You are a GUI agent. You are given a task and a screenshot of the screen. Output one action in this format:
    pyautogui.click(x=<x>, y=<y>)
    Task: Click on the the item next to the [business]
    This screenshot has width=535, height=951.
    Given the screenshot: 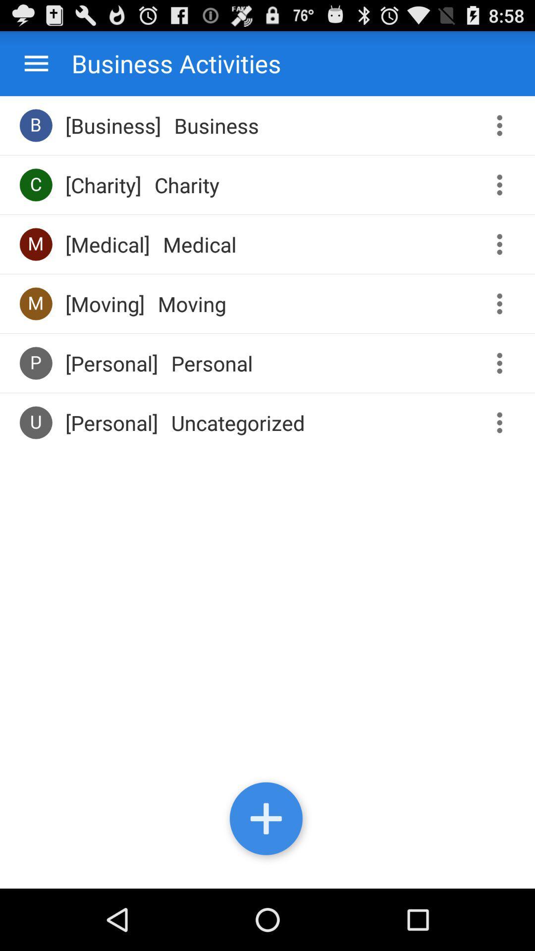 What is the action you would take?
    pyautogui.click(x=35, y=125)
    